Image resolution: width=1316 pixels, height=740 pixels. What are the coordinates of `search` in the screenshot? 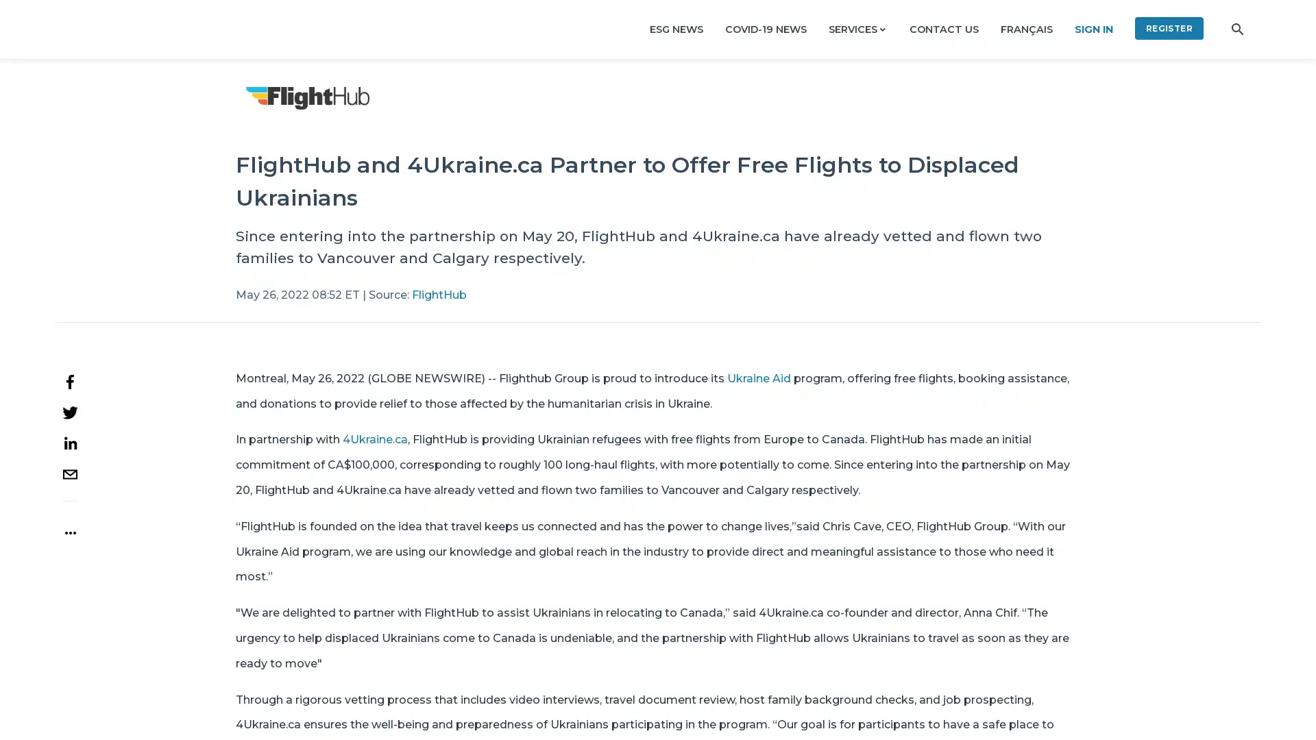 It's located at (1237, 29).